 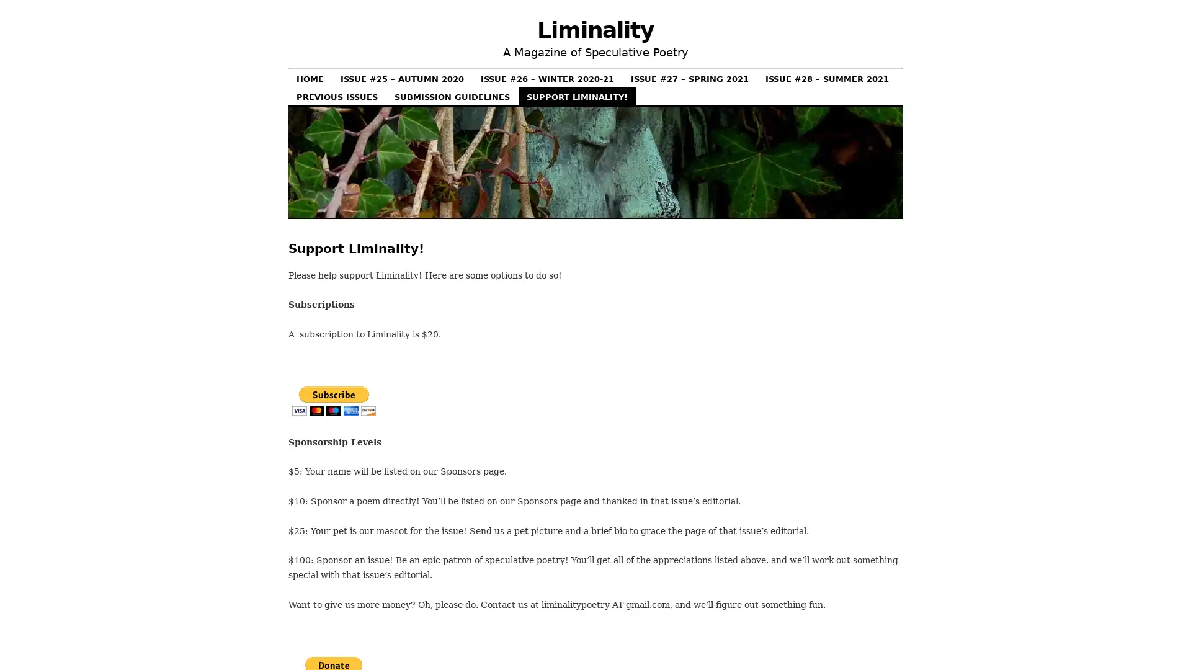 What do you see at coordinates (334, 401) in the screenshot?
I see `PayPal - The safer, easier way to pay online!` at bounding box center [334, 401].